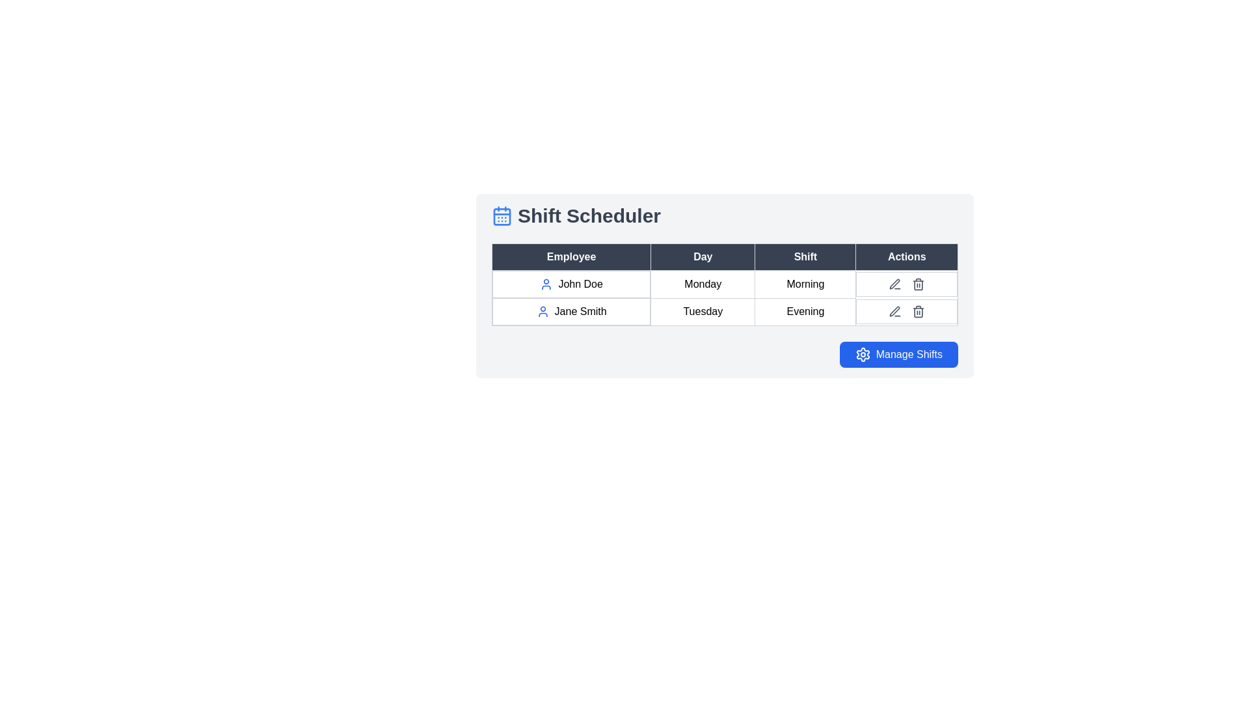 This screenshot has width=1249, height=703. What do you see at coordinates (543, 311) in the screenshot?
I see `the small blue outline icon representing a user adjacent to the text 'Jane Smith' in the 'Employee' column of the table` at bounding box center [543, 311].